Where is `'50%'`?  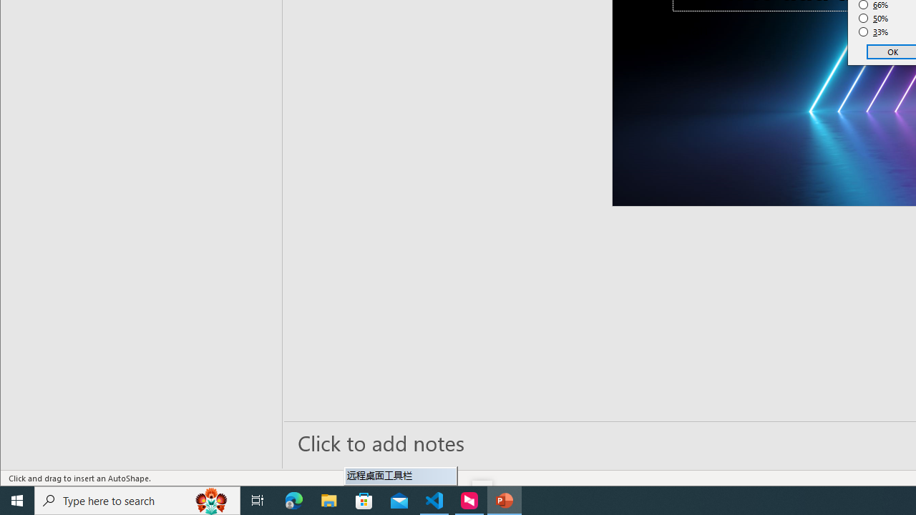
'50%' is located at coordinates (873, 18).